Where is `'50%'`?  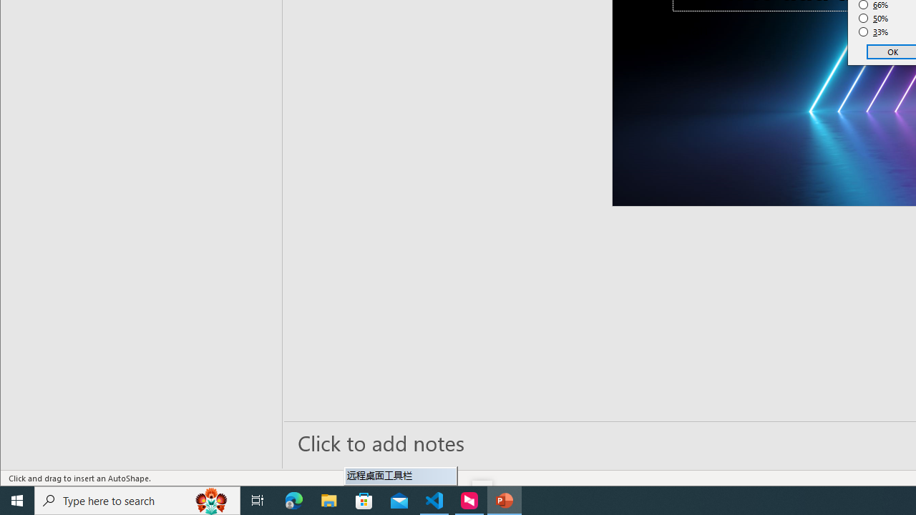
'50%' is located at coordinates (873, 18).